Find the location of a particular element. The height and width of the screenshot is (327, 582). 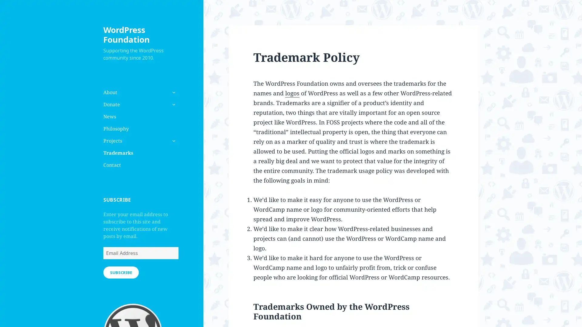

expand child menu is located at coordinates (173, 141).